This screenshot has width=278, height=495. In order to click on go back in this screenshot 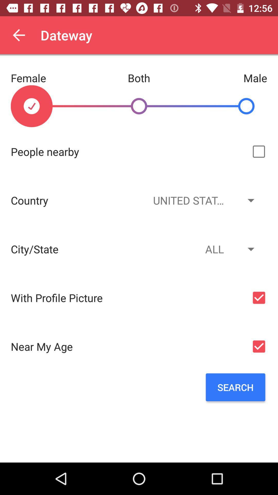, I will do `click(19, 35)`.